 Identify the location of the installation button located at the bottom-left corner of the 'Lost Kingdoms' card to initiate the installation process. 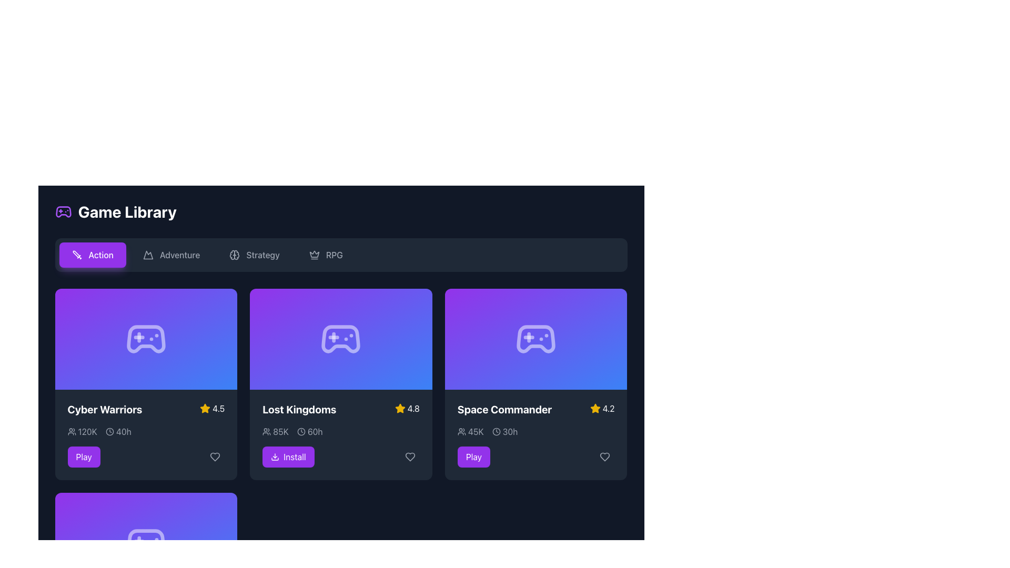
(341, 456).